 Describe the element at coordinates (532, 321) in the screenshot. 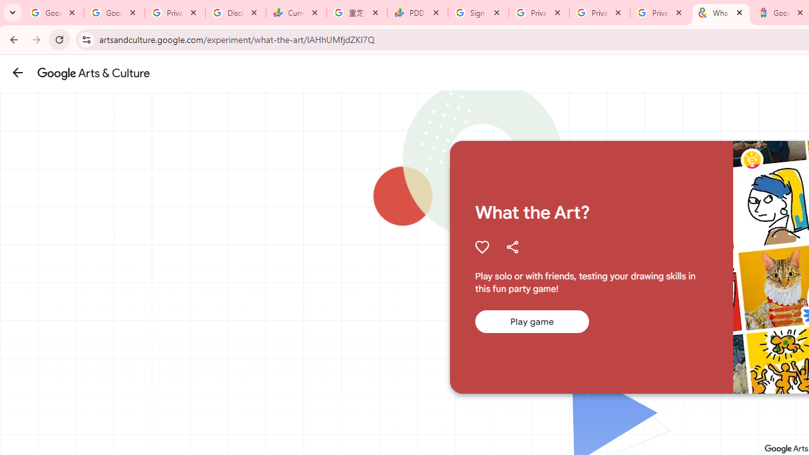

I see `'Play game'` at that location.